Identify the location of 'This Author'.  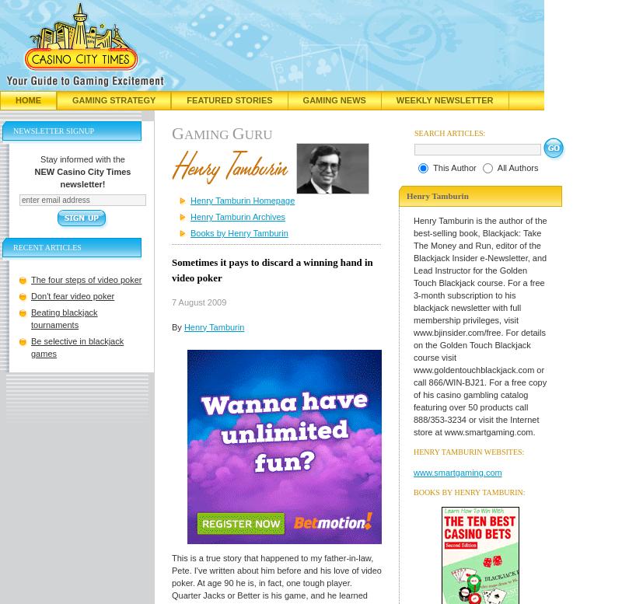
(453, 167).